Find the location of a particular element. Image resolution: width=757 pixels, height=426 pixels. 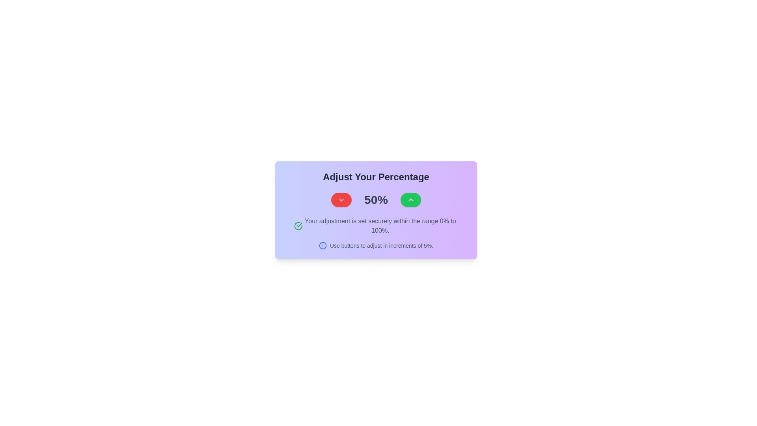

the Text Display element that shows '50%' in large, bold, dark gray font, centrally located between a red decrement button and a green increment button is located at coordinates (376, 199).